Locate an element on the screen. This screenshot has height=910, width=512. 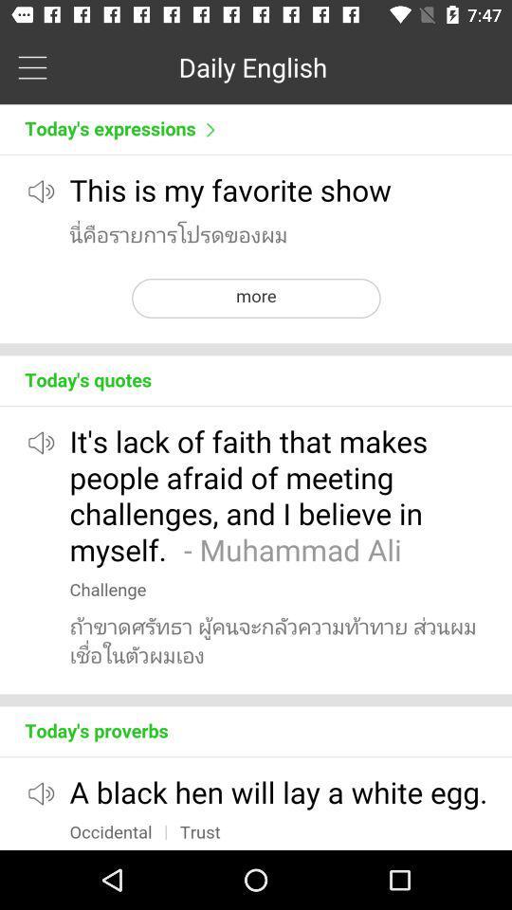
the menu icon is located at coordinates (31, 66).